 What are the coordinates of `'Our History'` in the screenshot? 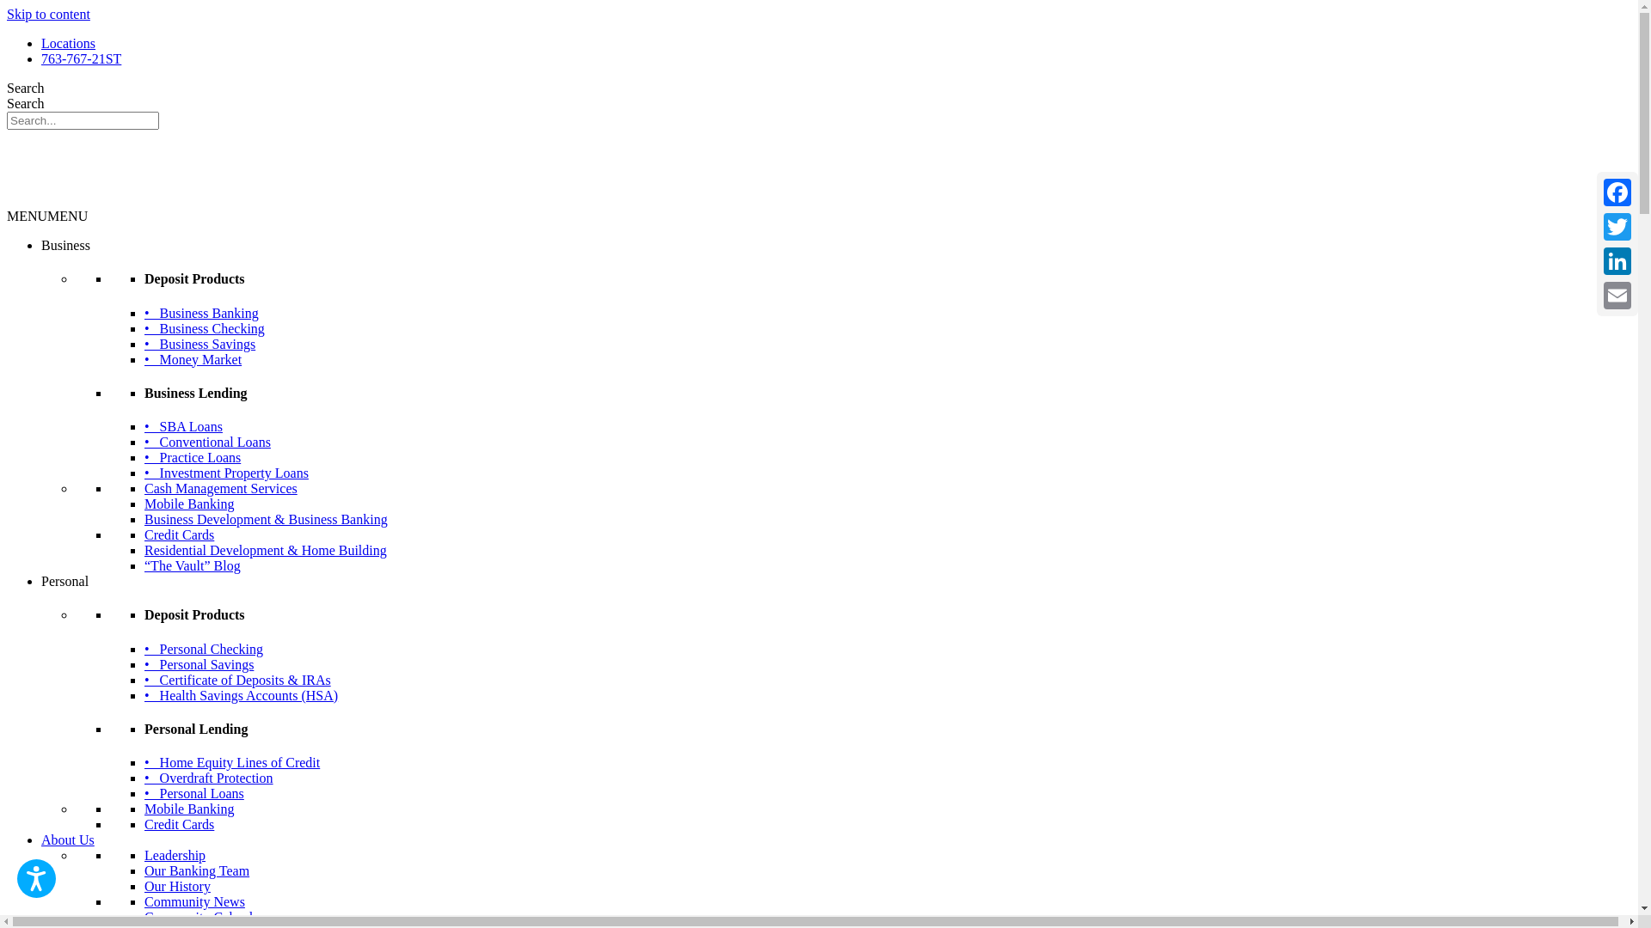 It's located at (177, 886).